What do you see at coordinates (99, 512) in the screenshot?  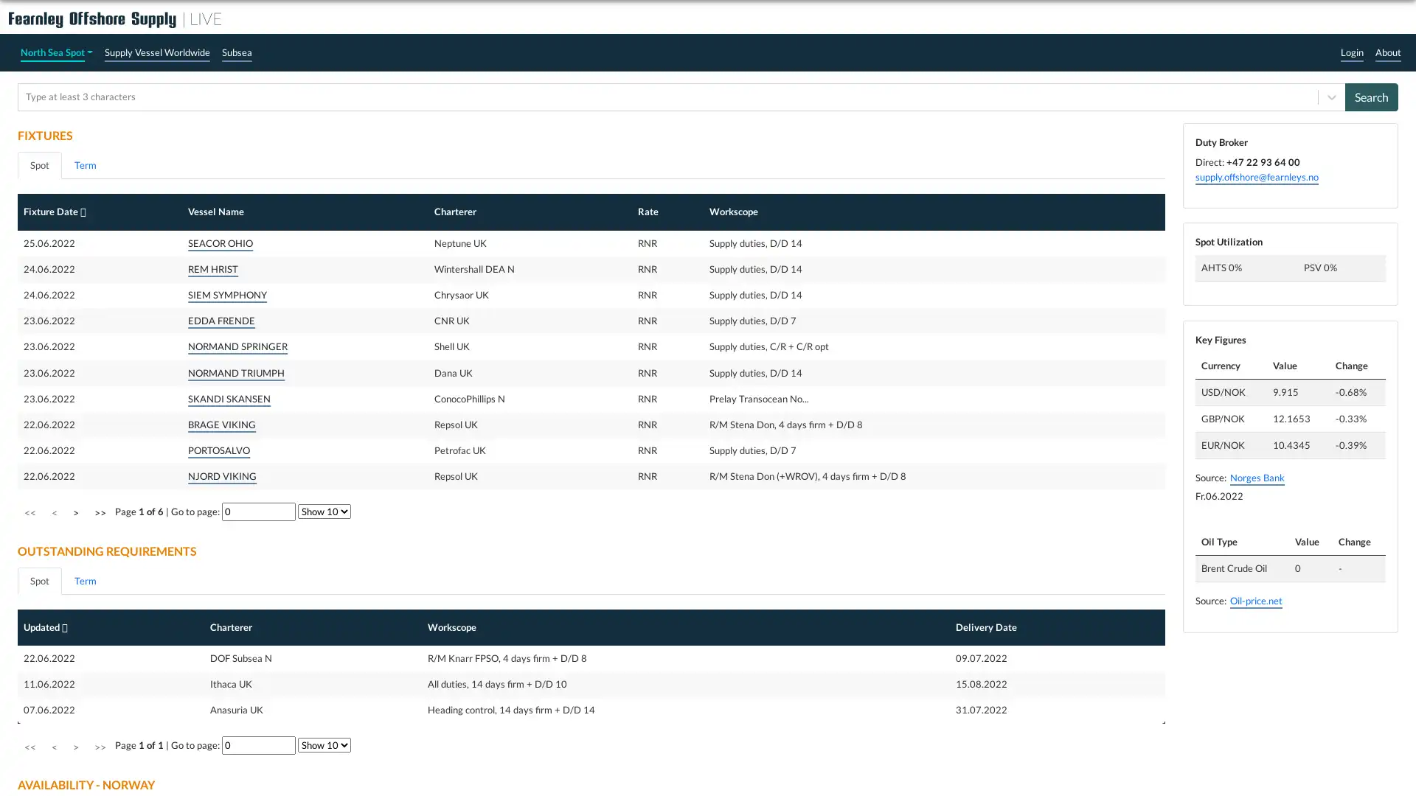 I see `>>` at bounding box center [99, 512].